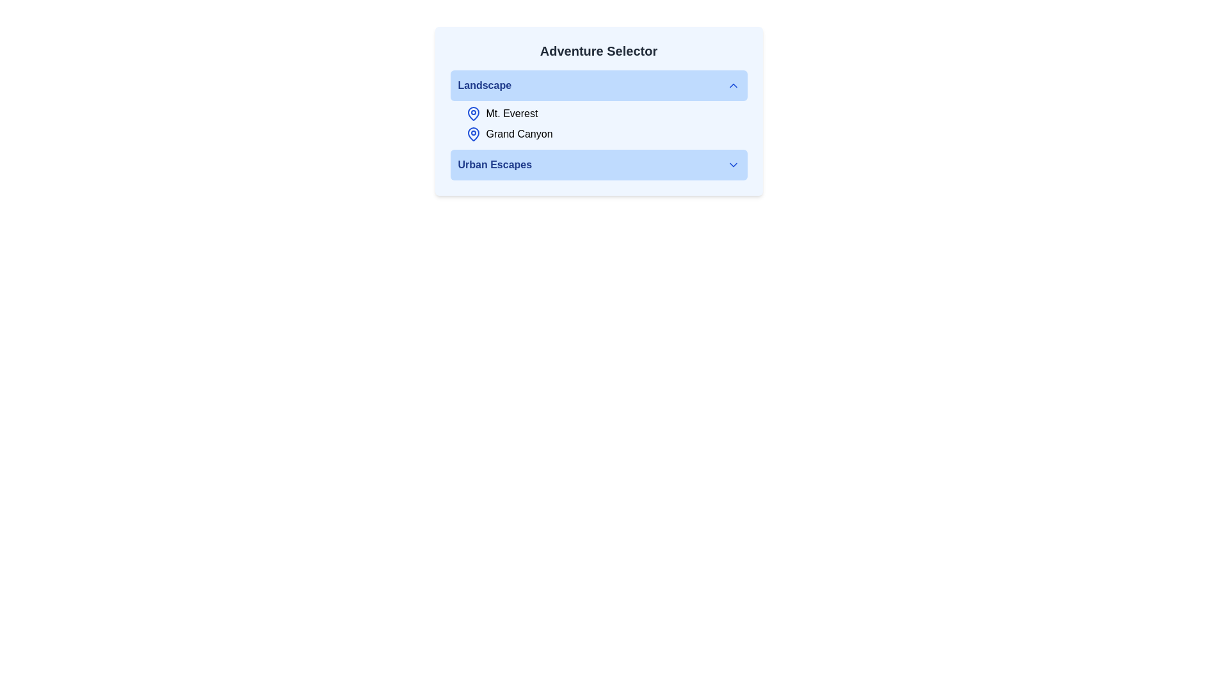  What do you see at coordinates (598, 105) in the screenshot?
I see `the 'Adventure Selector' dropdown menu` at bounding box center [598, 105].